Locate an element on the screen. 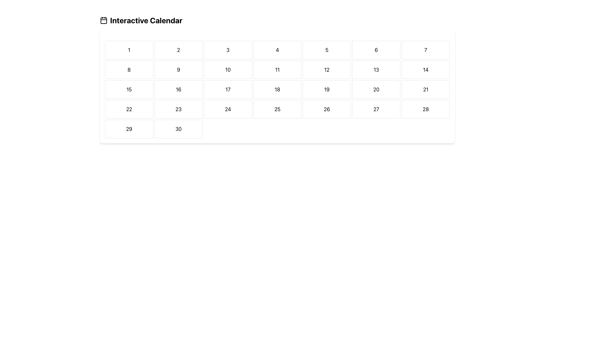  the button-like grid cell containing the number '9' is located at coordinates (178, 70).